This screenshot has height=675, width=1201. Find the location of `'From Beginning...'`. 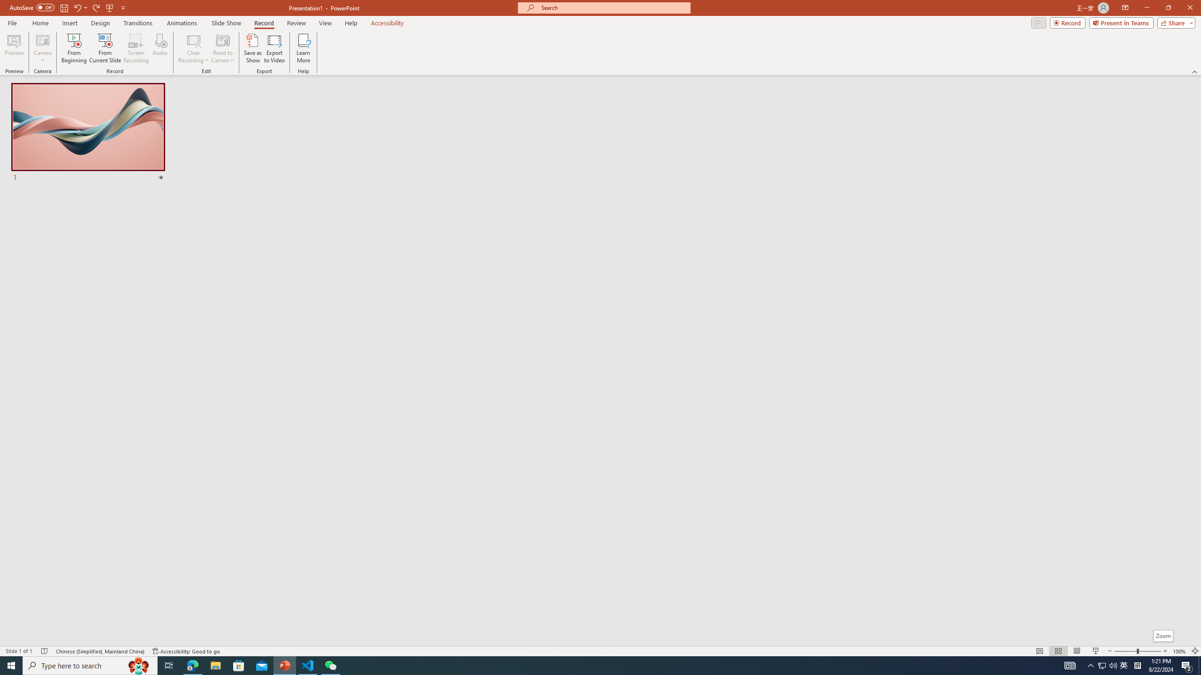

'From Beginning...' is located at coordinates (73, 48).